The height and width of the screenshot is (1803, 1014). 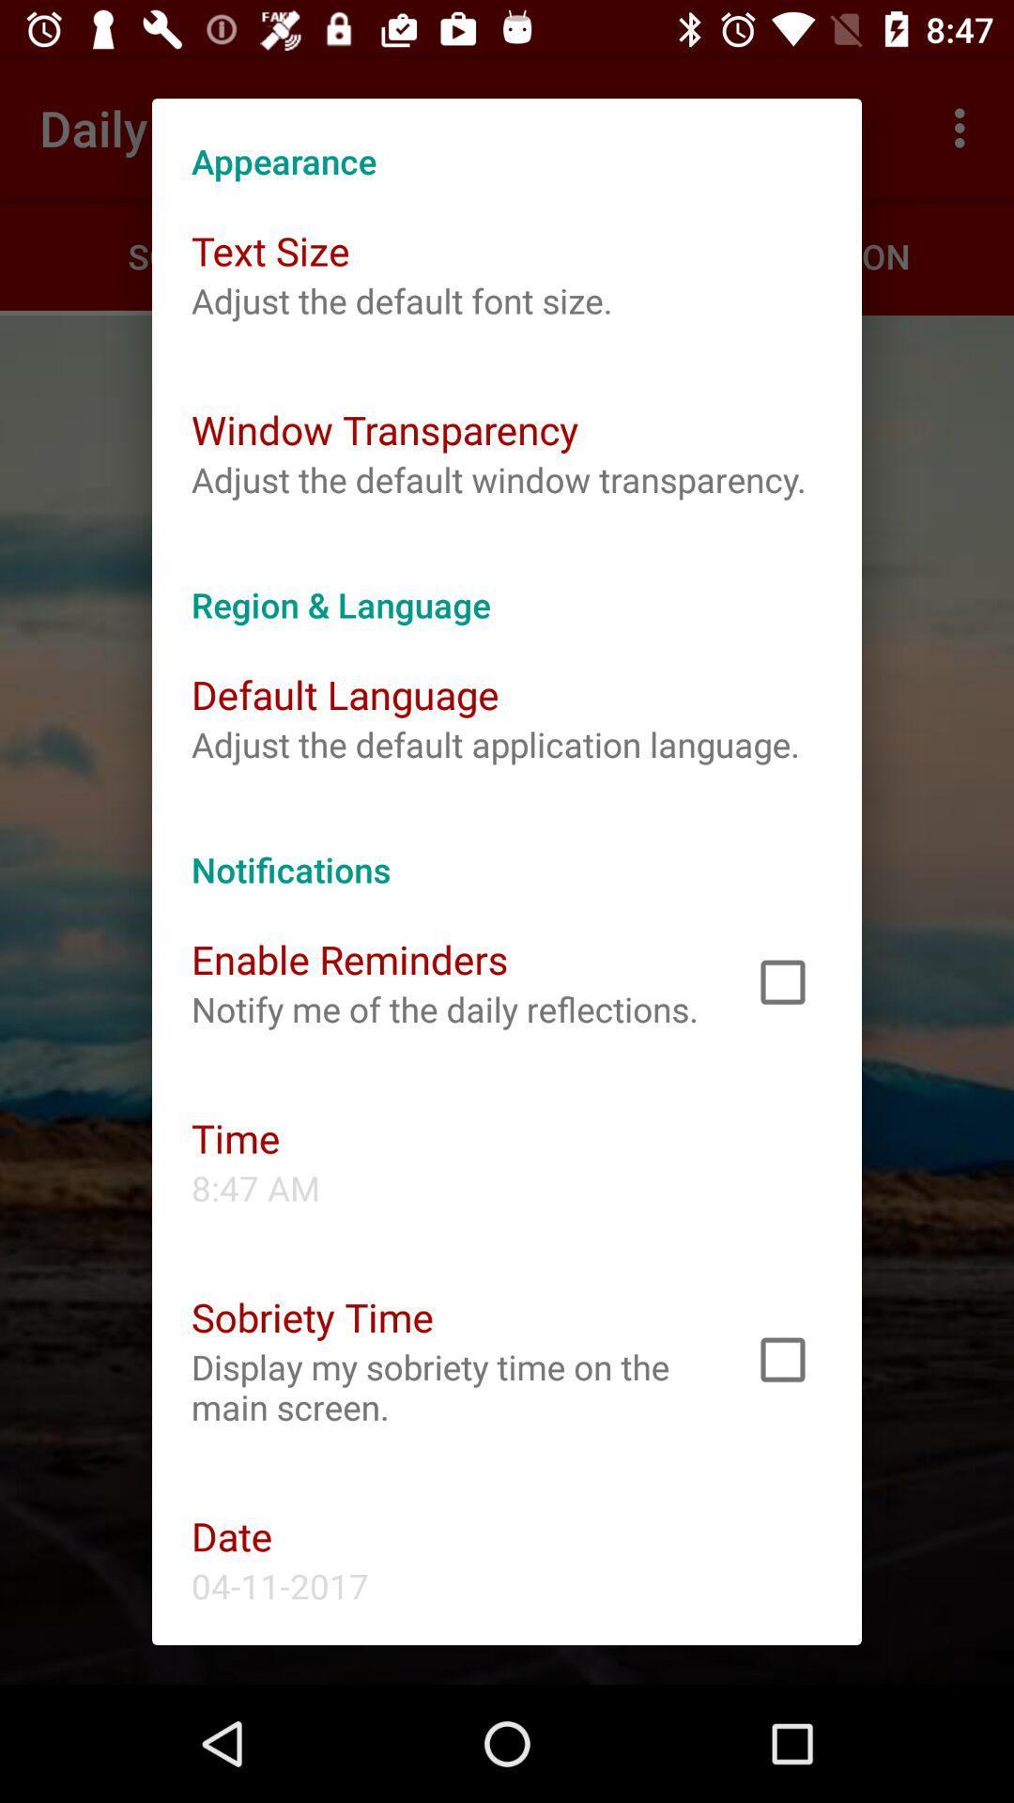 I want to click on the 04-11-2017, so click(x=280, y=1585).